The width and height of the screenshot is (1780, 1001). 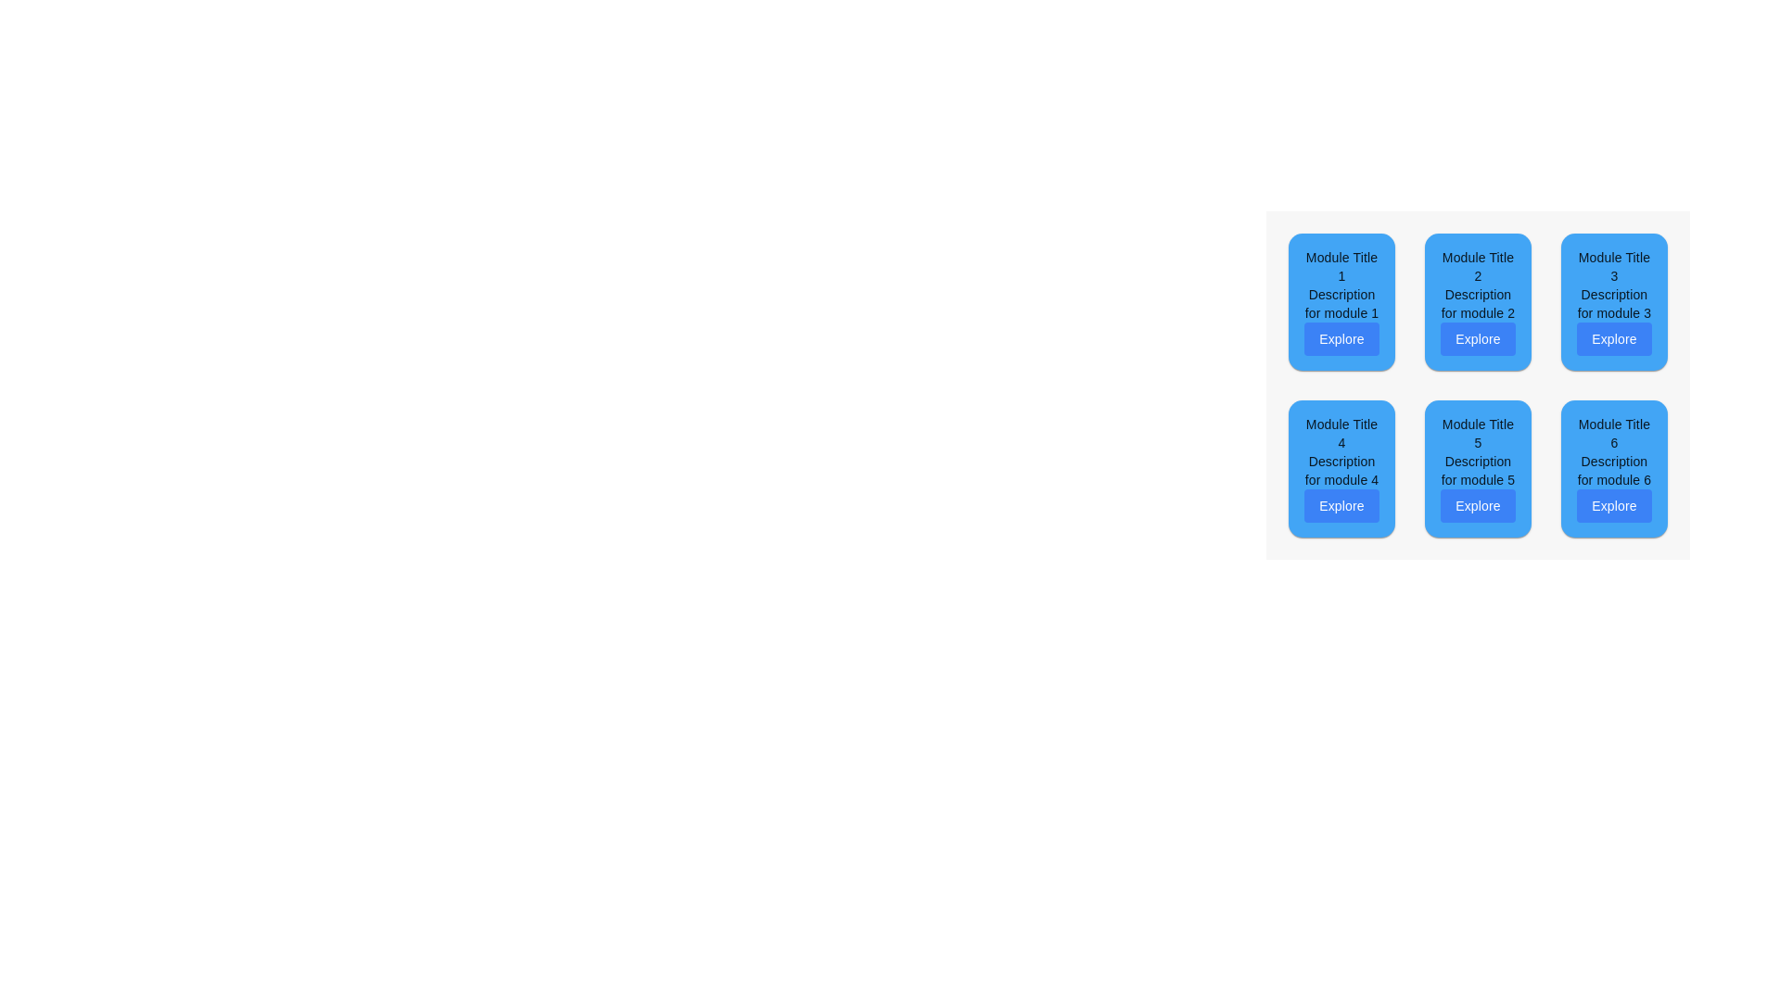 I want to click on the 'explore' button located at the bottom of the fifth card in the grid layout, so click(x=1477, y=506).